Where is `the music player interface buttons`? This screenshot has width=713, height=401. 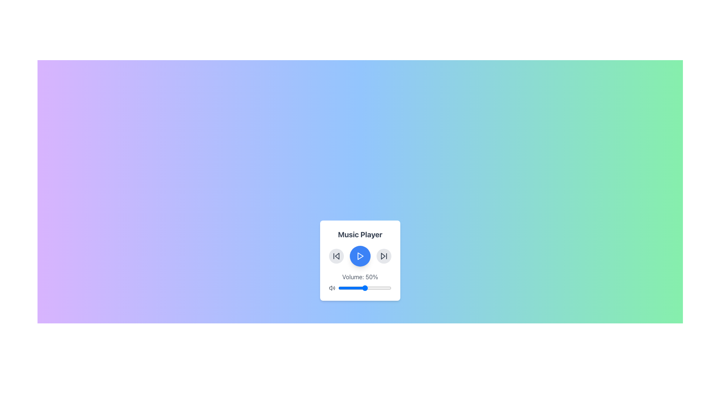
the music player interface buttons is located at coordinates (360, 260).